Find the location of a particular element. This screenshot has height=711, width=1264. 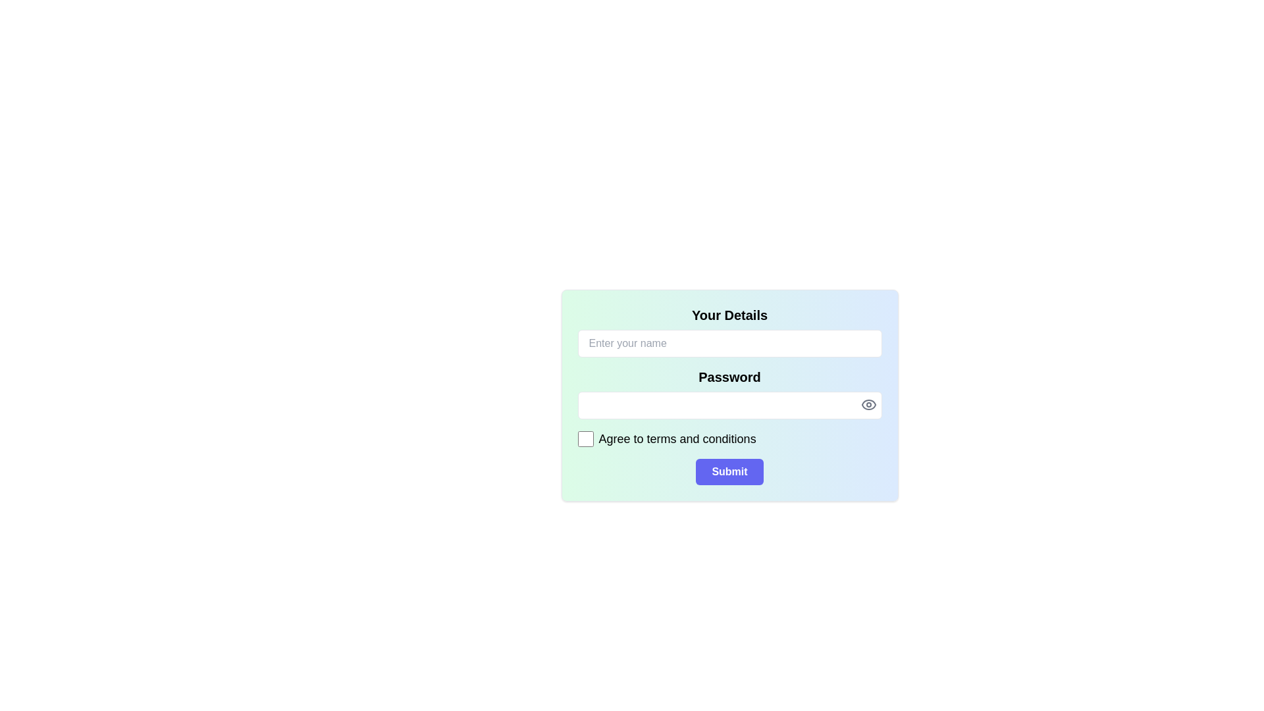

the label of the password input field is located at coordinates (729, 392).